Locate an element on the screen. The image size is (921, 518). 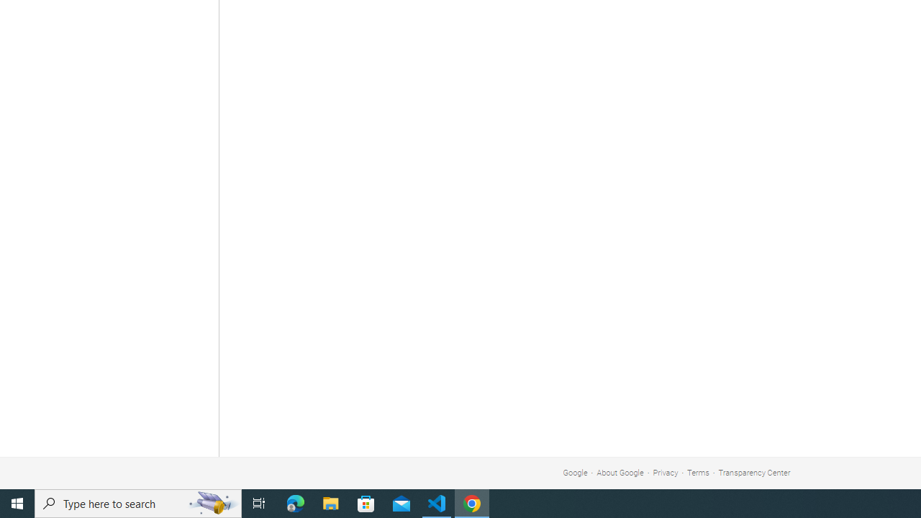
'Transparency Center' is located at coordinates (753, 473).